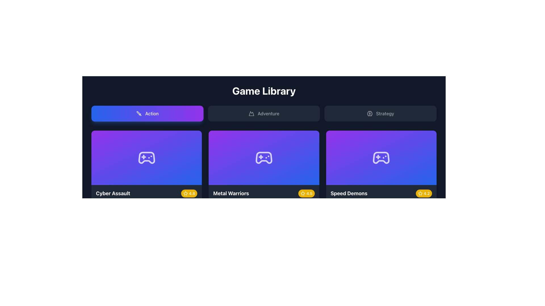 Image resolution: width=545 pixels, height=306 pixels. What do you see at coordinates (424, 193) in the screenshot?
I see `rating value displayed on the bright yellow pill-shaped badge, which contains the text '4.2' and is located at the bottom-right corner of the 'Speed Demons' card` at bounding box center [424, 193].